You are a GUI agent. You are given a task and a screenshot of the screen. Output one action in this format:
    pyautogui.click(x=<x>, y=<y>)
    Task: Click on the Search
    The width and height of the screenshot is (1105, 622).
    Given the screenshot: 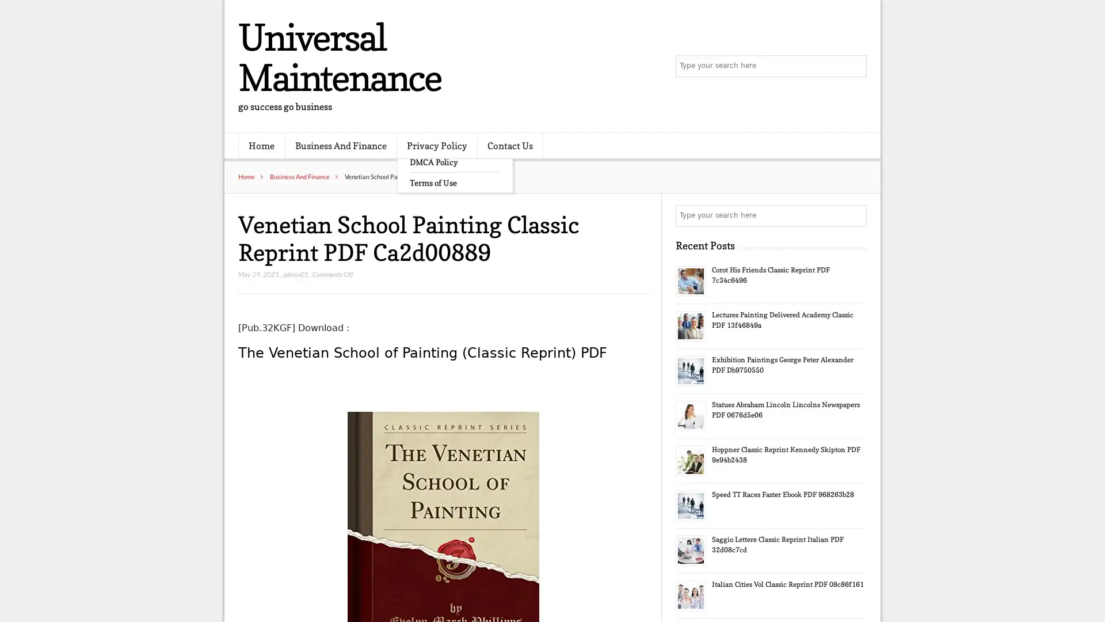 What is the action you would take?
    pyautogui.click(x=855, y=215)
    